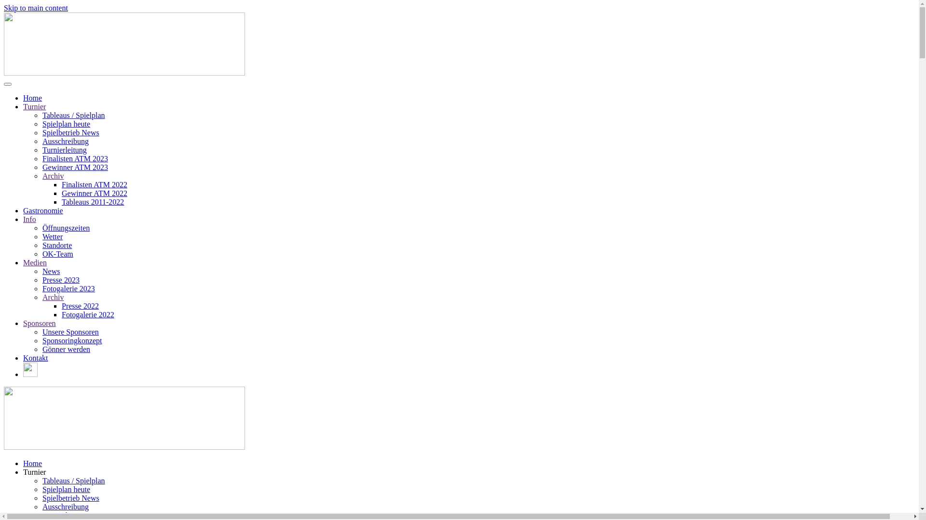  Describe the element at coordinates (35, 262) in the screenshot. I see `'Medien'` at that location.